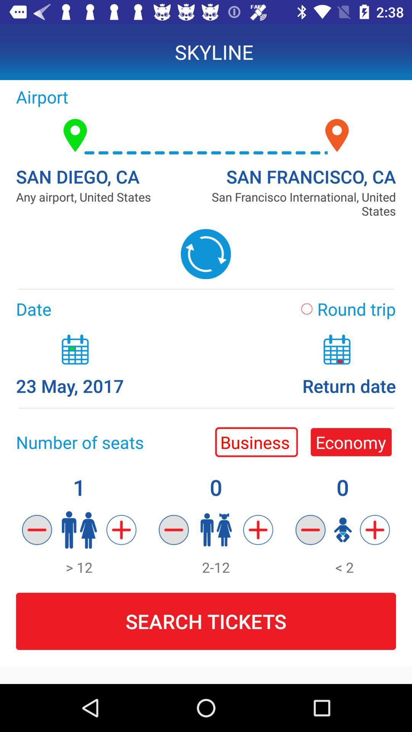 The image size is (412, 732). I want to click on the calendar icon above 23 may 2017, so click(75, 349).